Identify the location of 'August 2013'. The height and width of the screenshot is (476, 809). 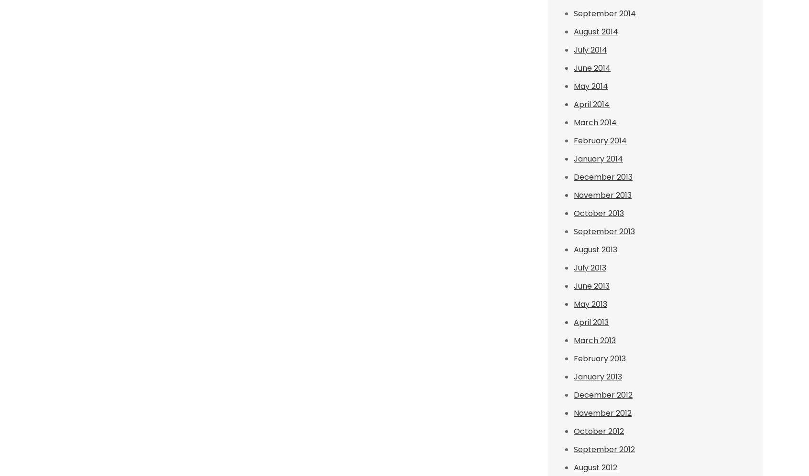
(595, 249).